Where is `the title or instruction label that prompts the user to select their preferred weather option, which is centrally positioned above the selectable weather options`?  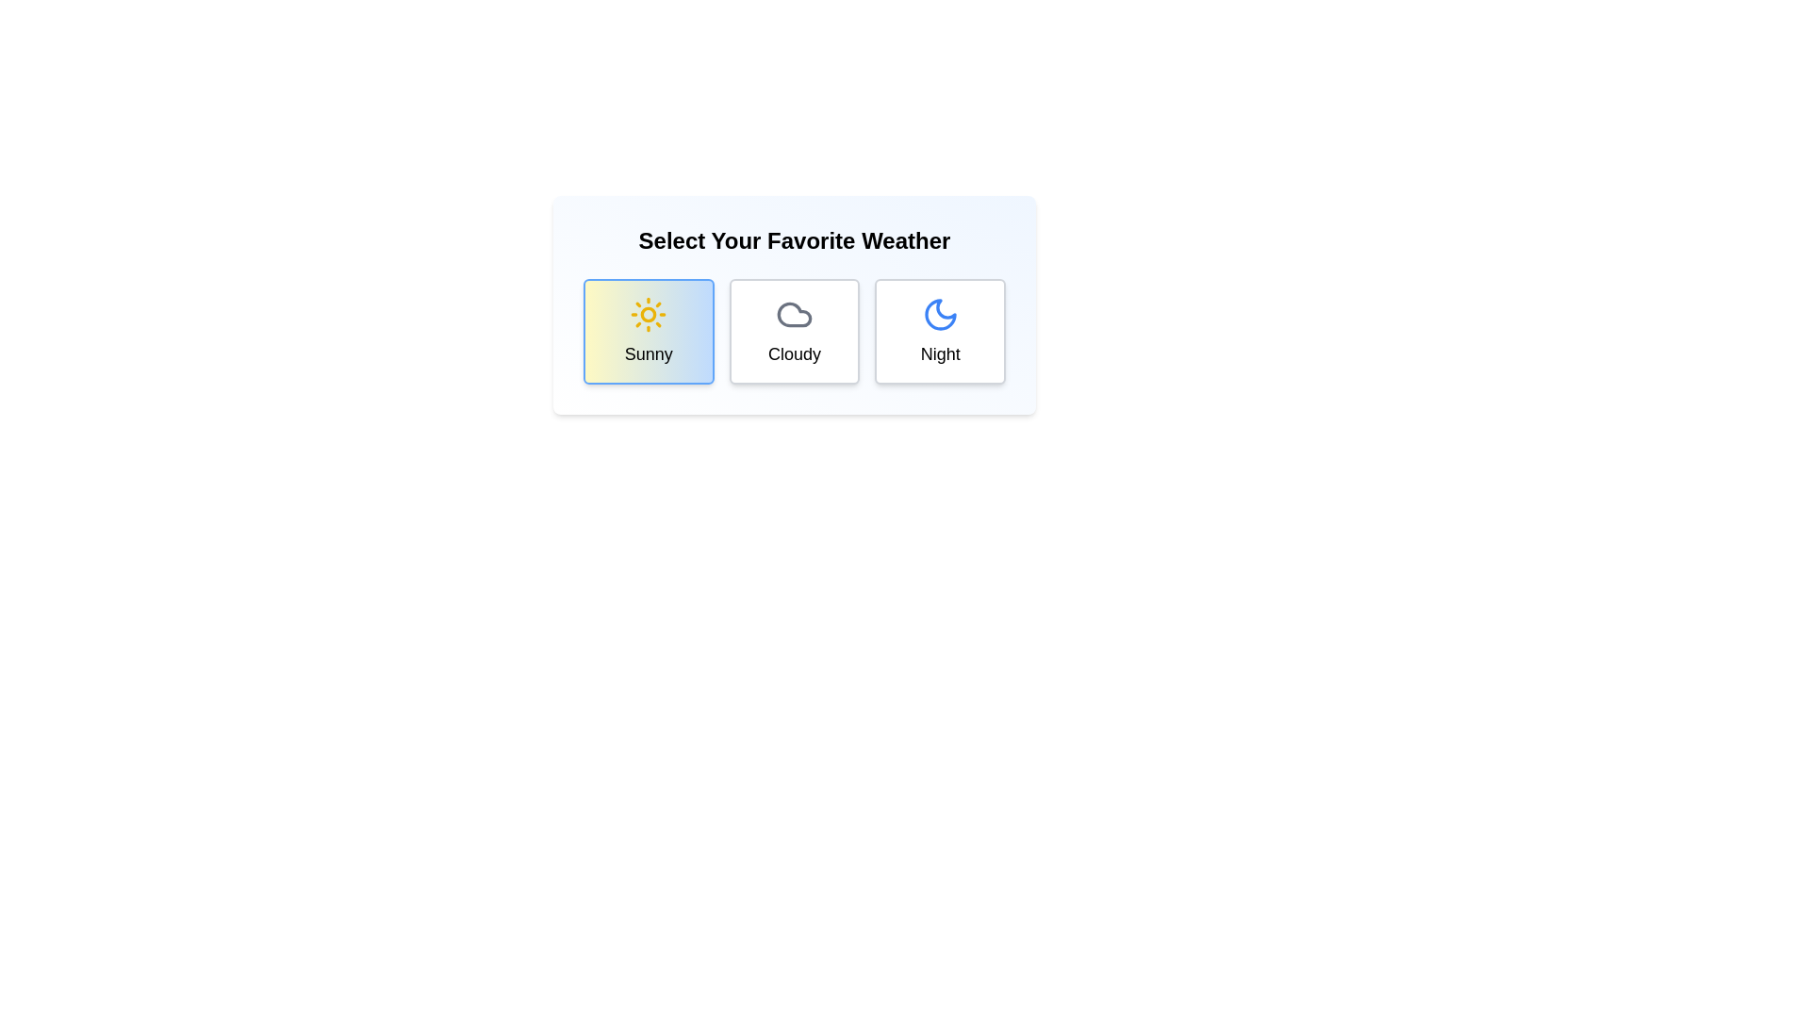
the title or instruction label that prompts the user to select their preferred weather option, which is centrally positioned above the selectable weather options is located at coordinates (795, 239).